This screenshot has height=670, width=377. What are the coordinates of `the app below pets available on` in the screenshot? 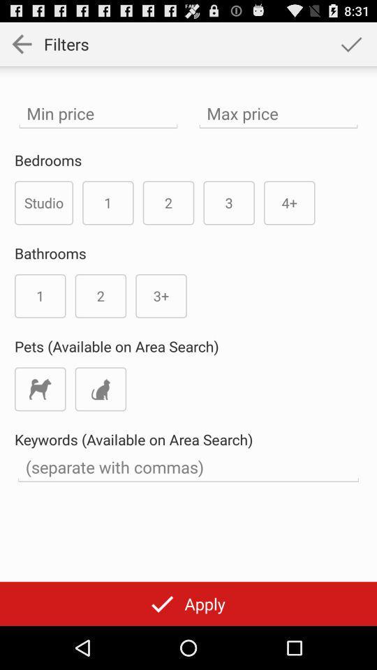 It's located at (40, 389).